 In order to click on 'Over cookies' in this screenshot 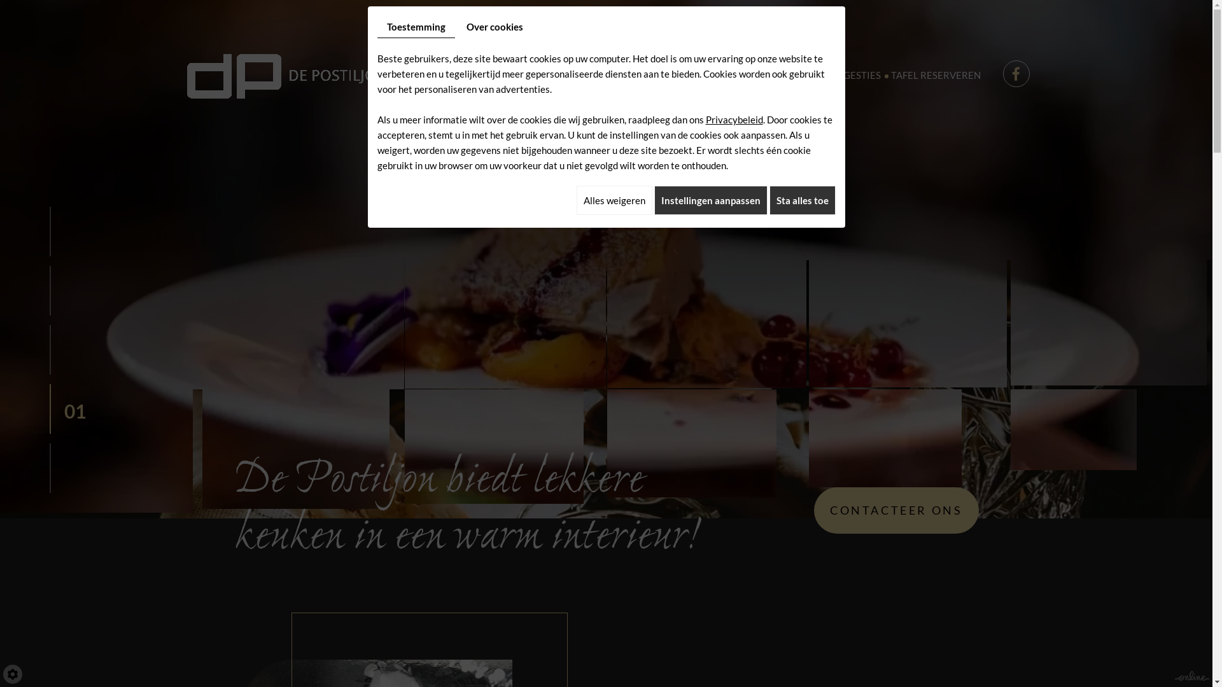, I will do `click(494, 27)`.